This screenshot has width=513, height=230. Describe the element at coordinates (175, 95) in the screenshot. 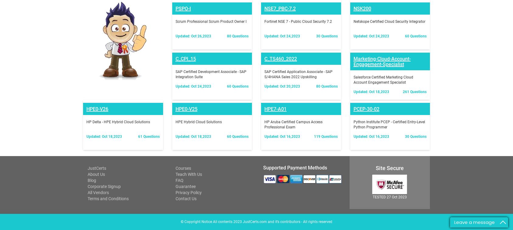

I see `'Teach With Us'` at that location.